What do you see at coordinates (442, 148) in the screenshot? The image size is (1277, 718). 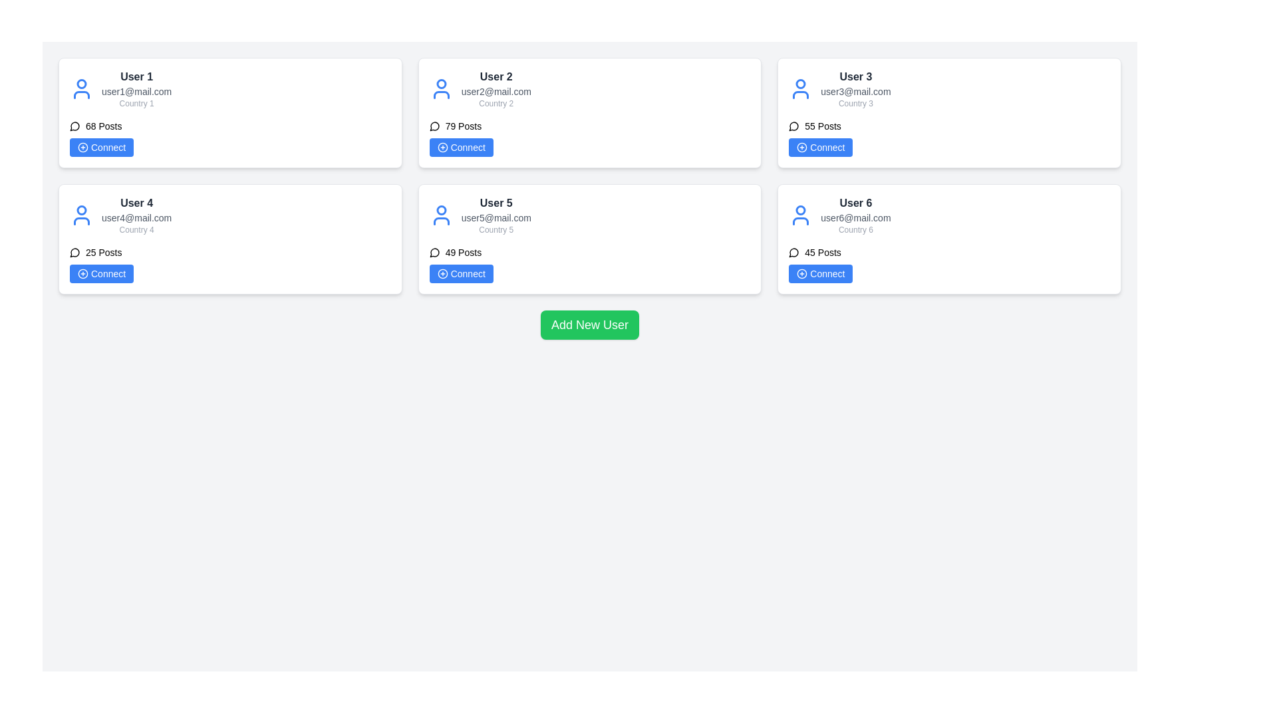 I see `the 'plus' icon located in the user action section of User 2's card, situated in the top-right quadrant of the grid layout` at bounding box center [442, 148].